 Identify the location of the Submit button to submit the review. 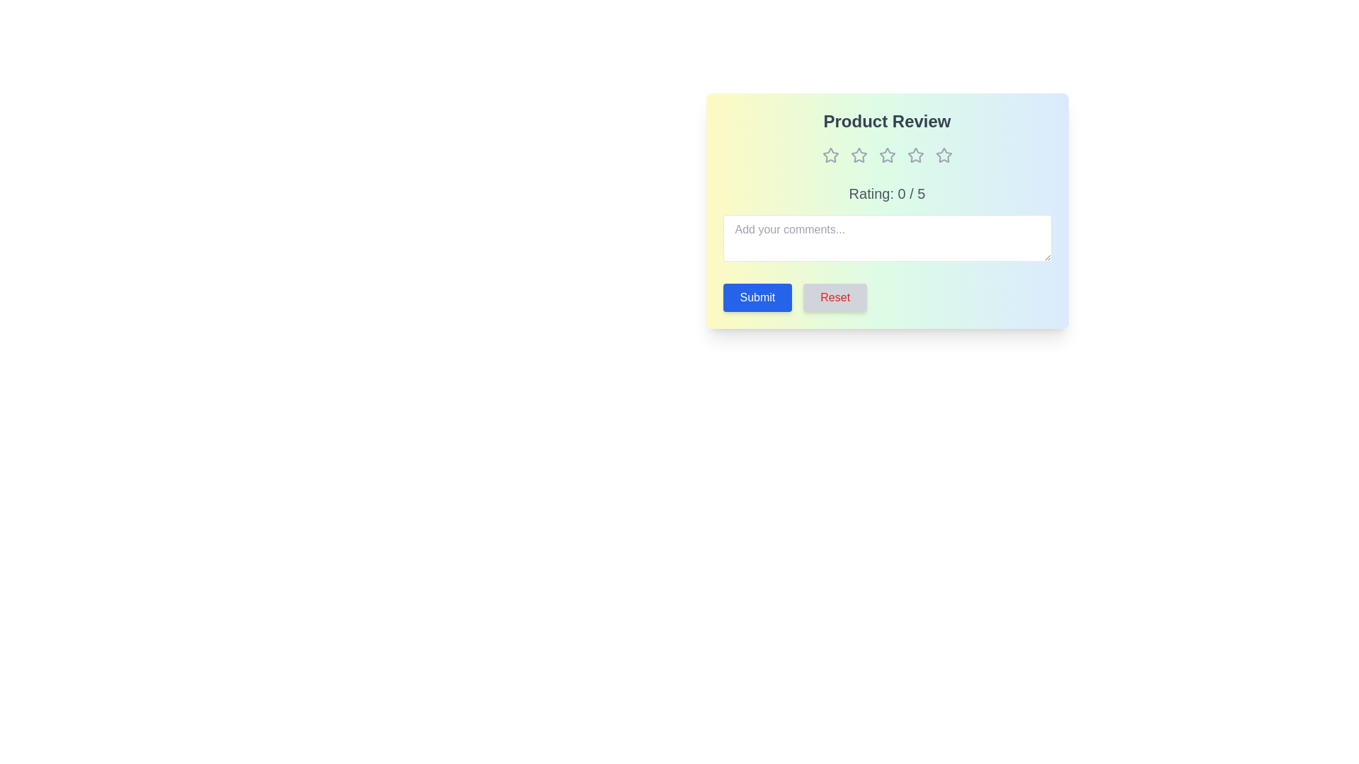
(757, 296).